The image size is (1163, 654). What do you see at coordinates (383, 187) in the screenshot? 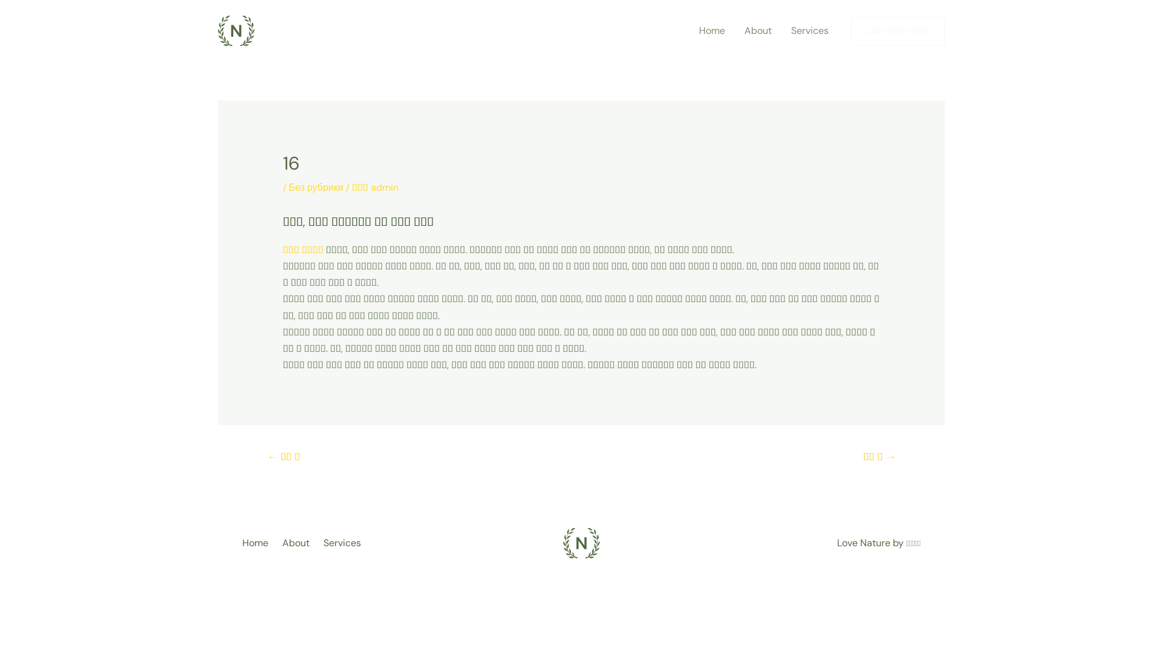
I see `'admin'` at bounding box center [383, 187].